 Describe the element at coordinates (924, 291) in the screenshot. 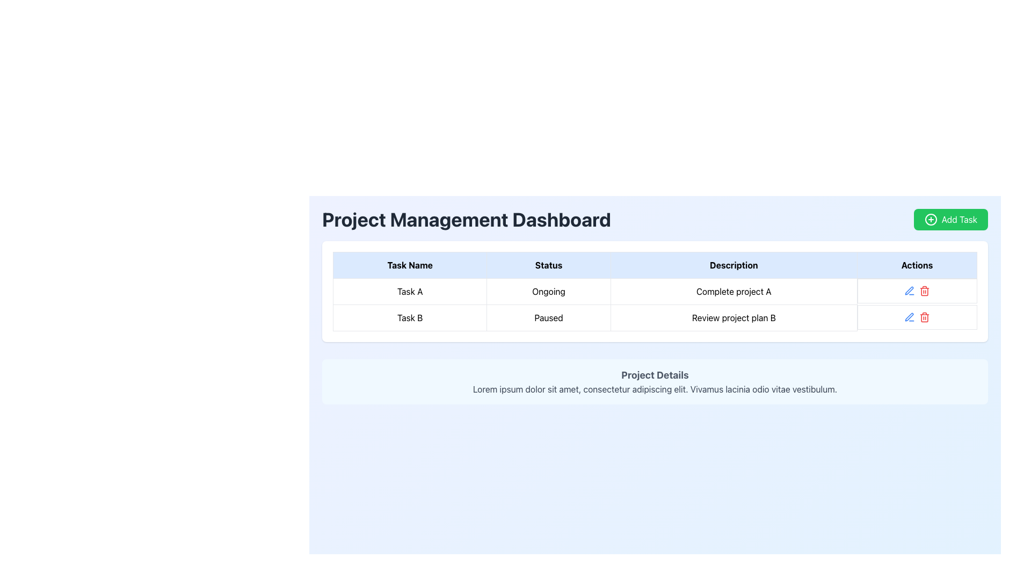

I see `the red trash can icon button in the Actions column of the second row for Task B` at that location.